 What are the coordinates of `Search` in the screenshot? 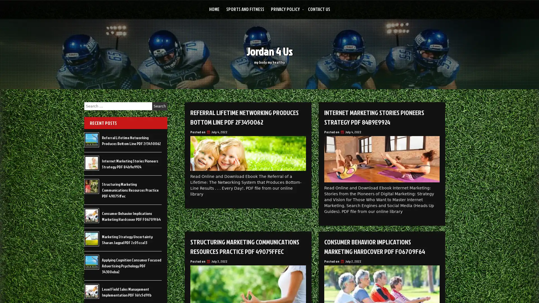 It's located at (159, 106).